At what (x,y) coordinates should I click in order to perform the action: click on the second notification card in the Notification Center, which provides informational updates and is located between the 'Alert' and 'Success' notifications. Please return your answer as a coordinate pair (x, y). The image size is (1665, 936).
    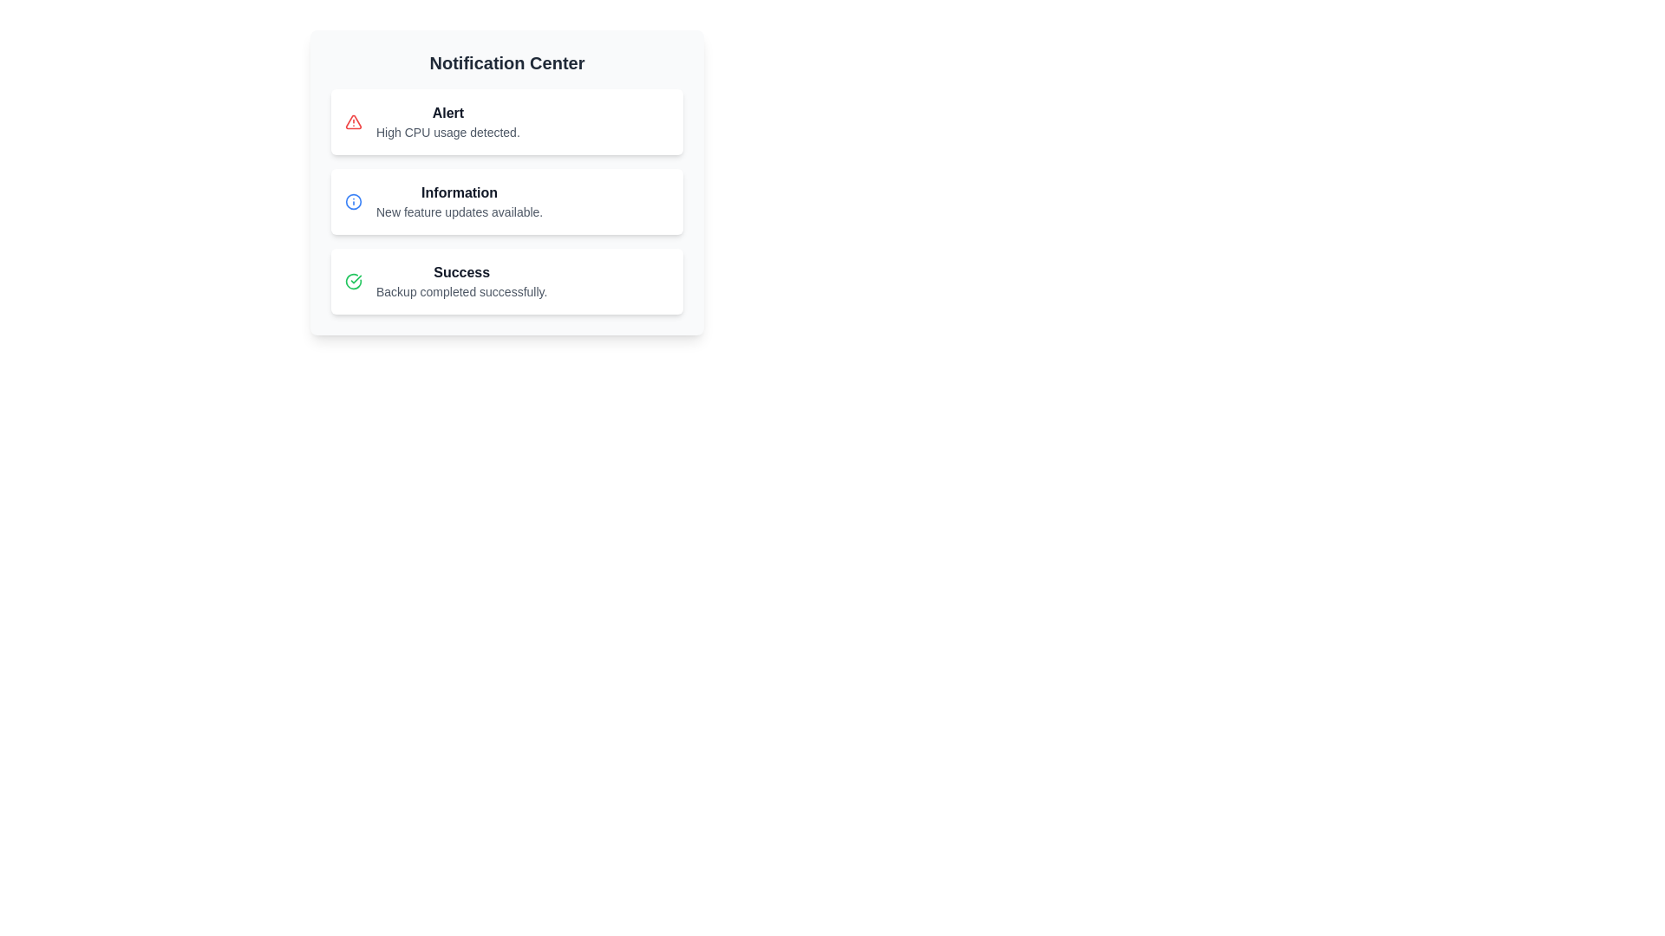
    Looking at the image, I should click on (506, 183).